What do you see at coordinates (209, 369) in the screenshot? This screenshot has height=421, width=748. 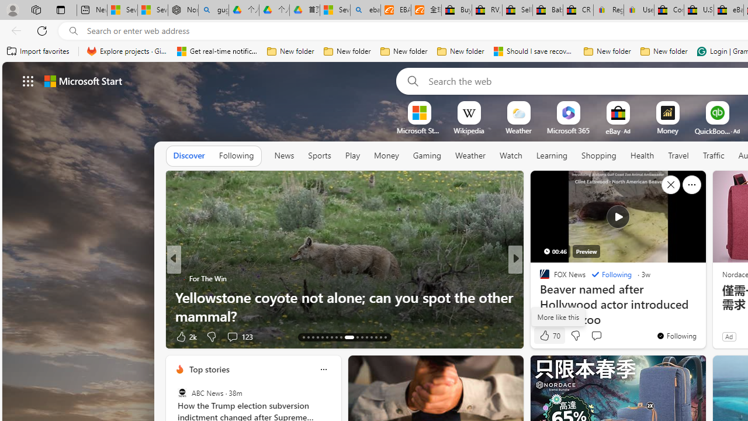 I see `'Top stories'` at bounding box center [209, 369].